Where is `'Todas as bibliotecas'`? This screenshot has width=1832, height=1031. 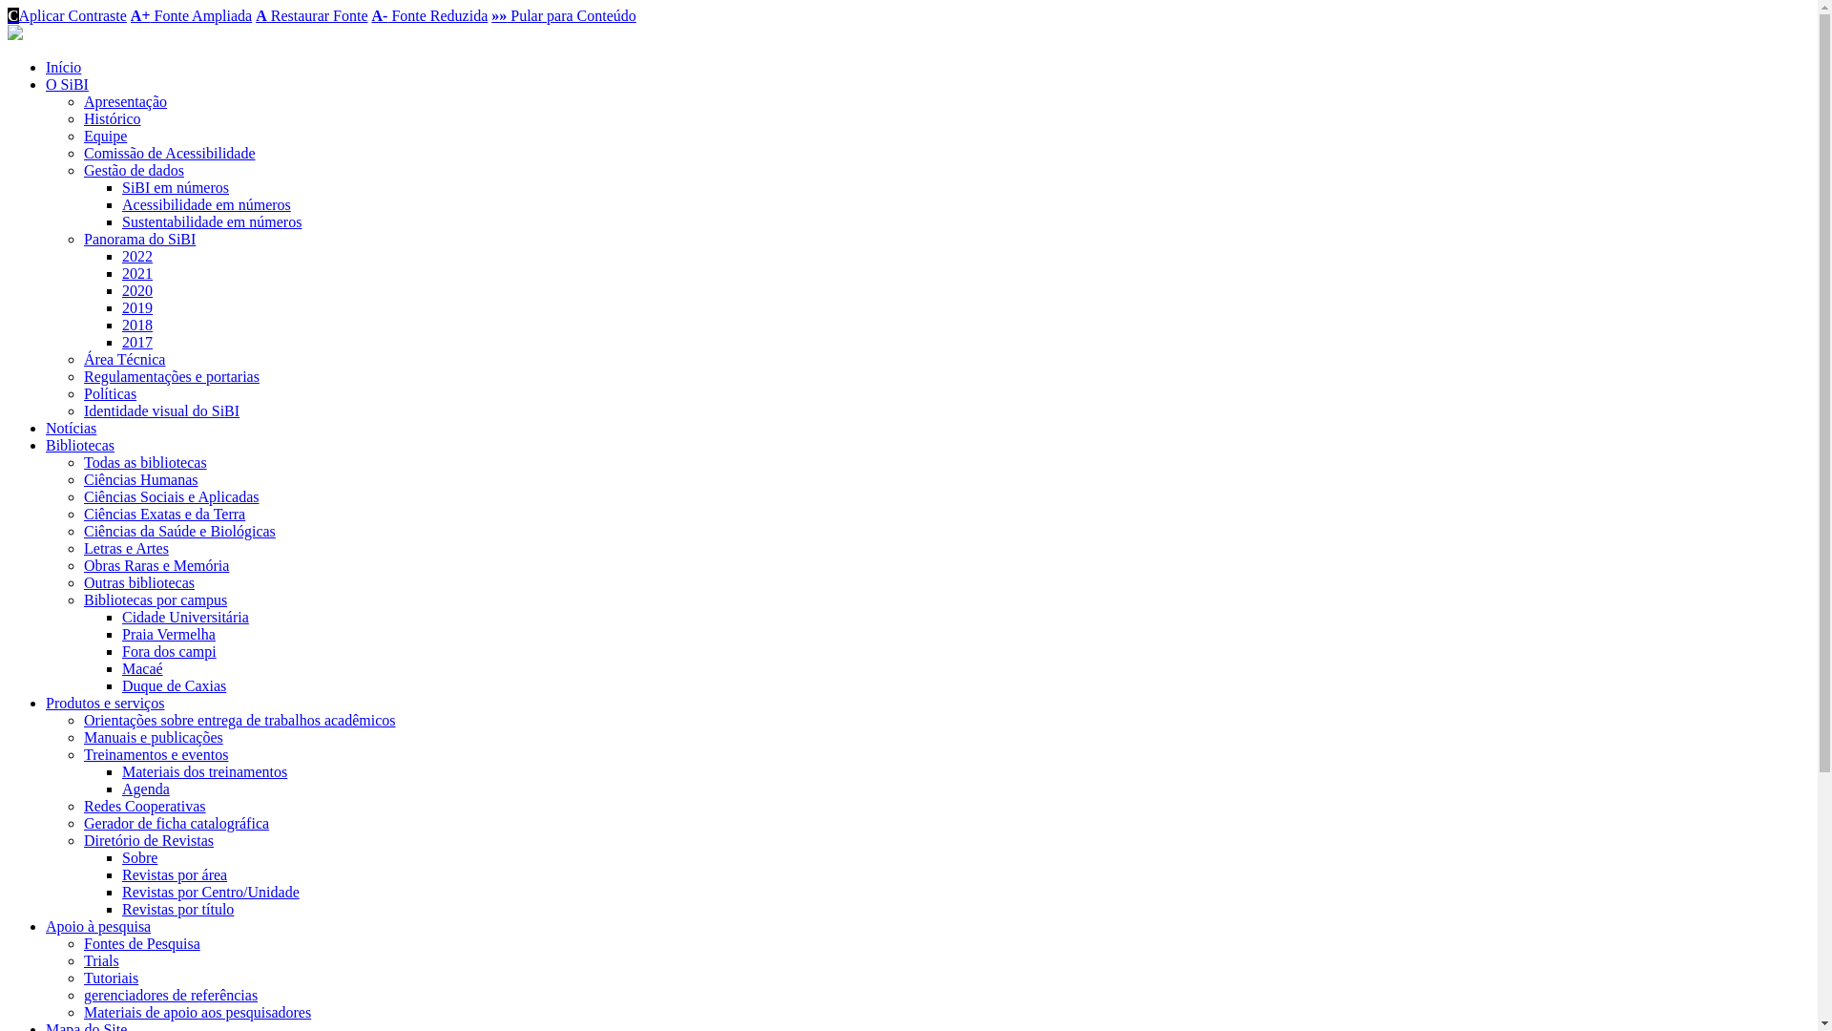 'Todas as bibliotecas' is located at coordinates (144, 462).